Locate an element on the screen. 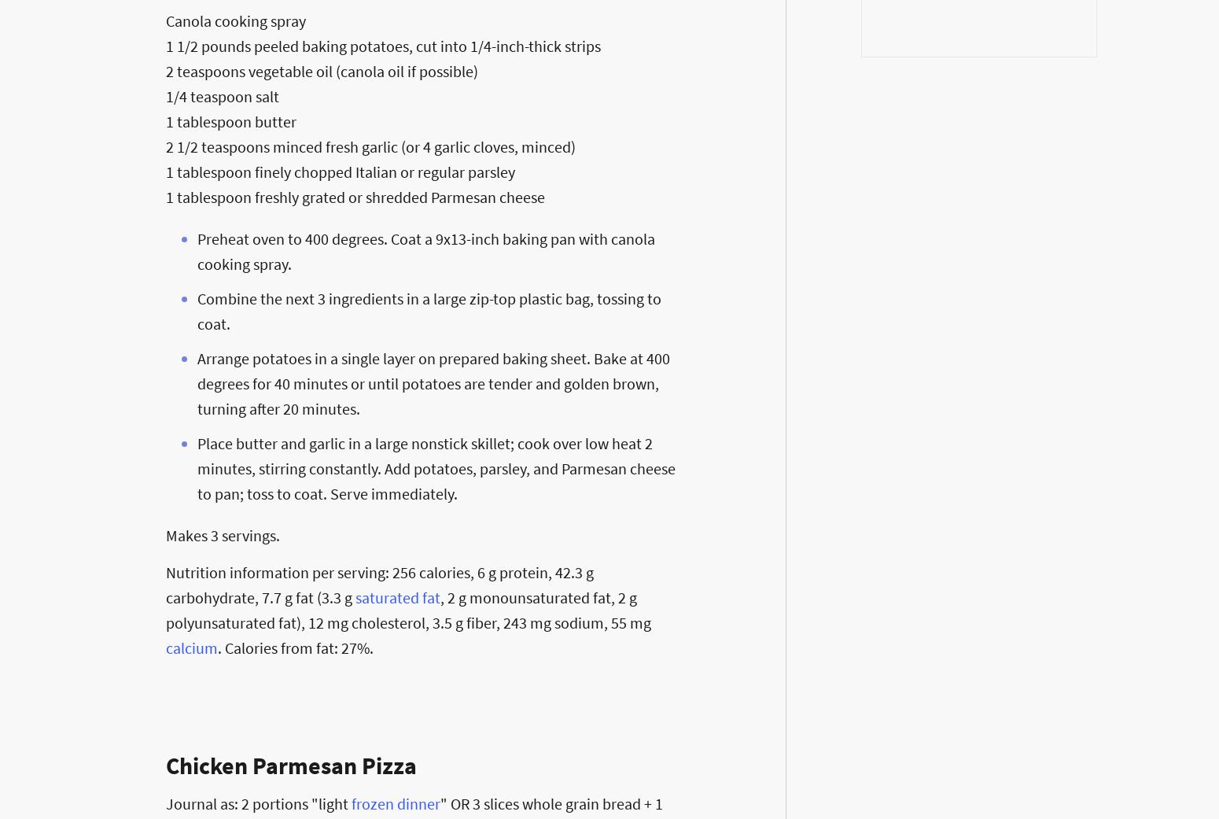  'Canola cooking spray' is located at coordinates (164, 20).